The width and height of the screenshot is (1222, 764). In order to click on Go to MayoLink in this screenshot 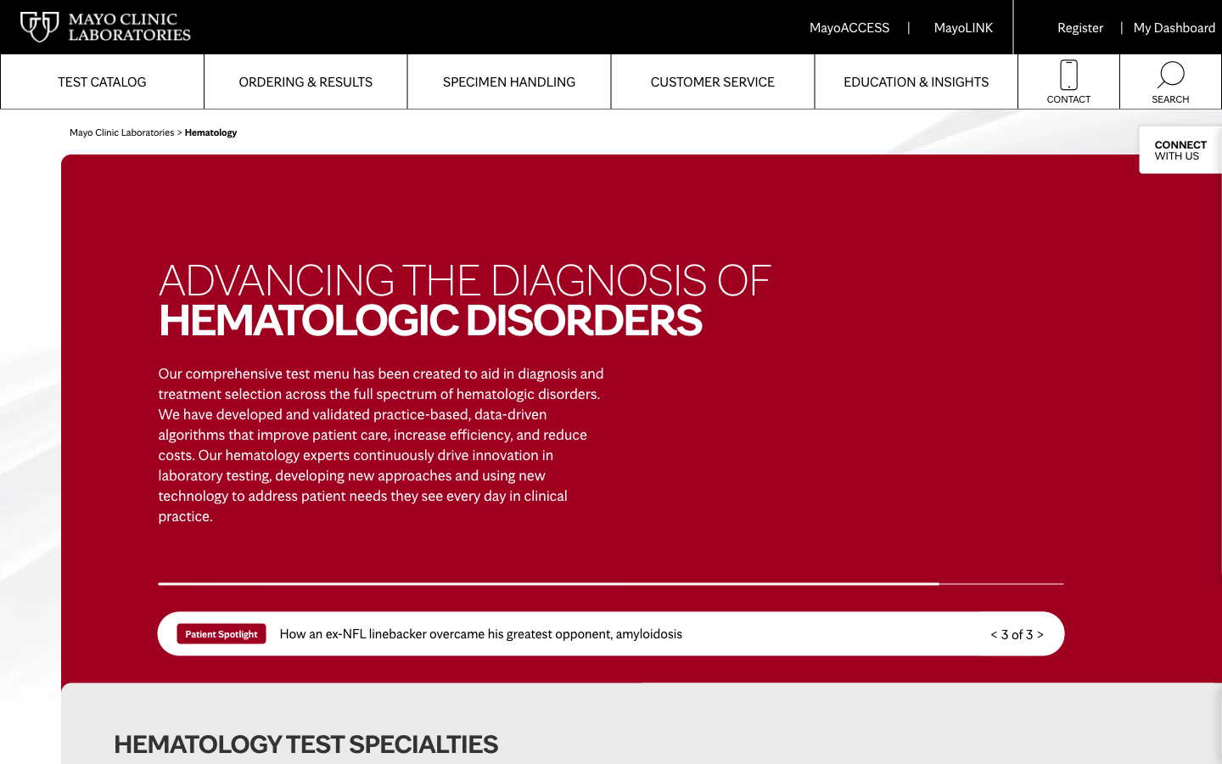, I will do `click(962, 26)`.